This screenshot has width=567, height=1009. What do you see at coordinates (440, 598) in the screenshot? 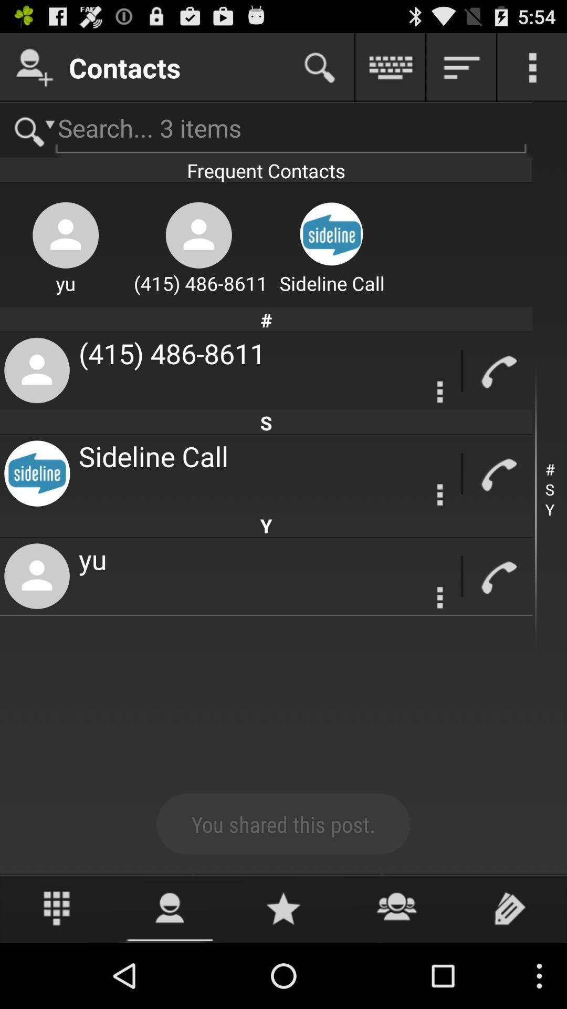
I see `menu page` at bounding box center [440, 598].